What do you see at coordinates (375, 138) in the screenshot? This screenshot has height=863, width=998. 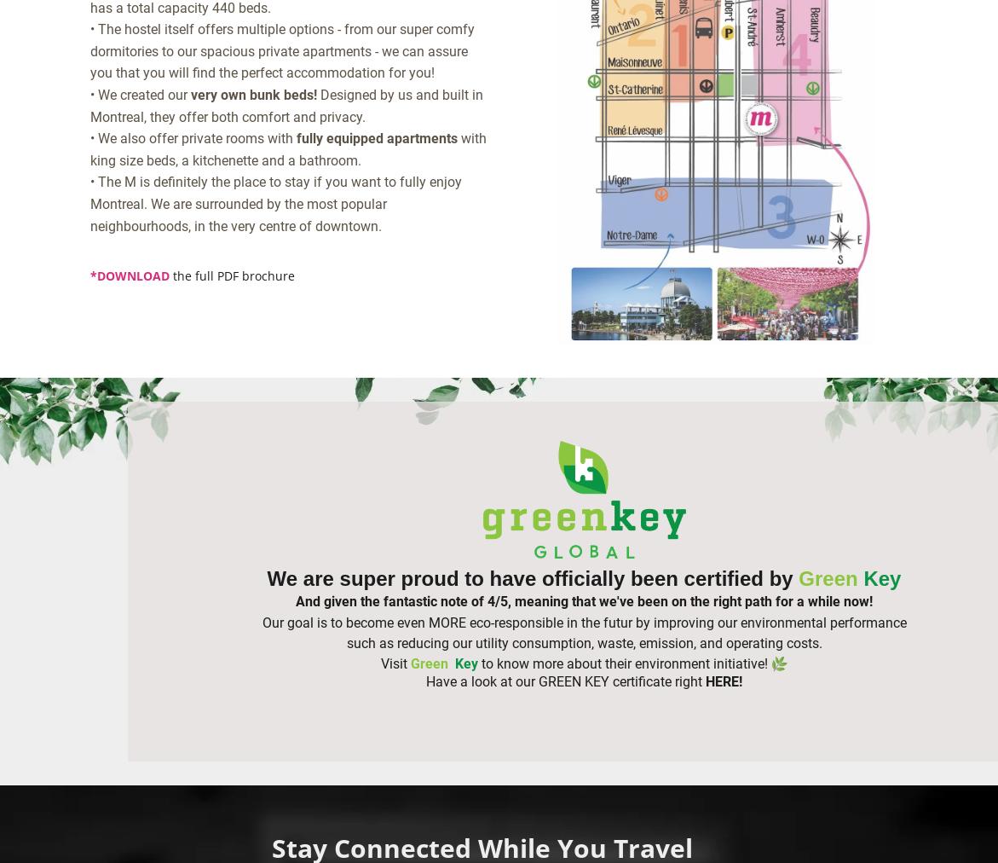 I see `'fully equipped apartments'` at bounding box center [375, 138].